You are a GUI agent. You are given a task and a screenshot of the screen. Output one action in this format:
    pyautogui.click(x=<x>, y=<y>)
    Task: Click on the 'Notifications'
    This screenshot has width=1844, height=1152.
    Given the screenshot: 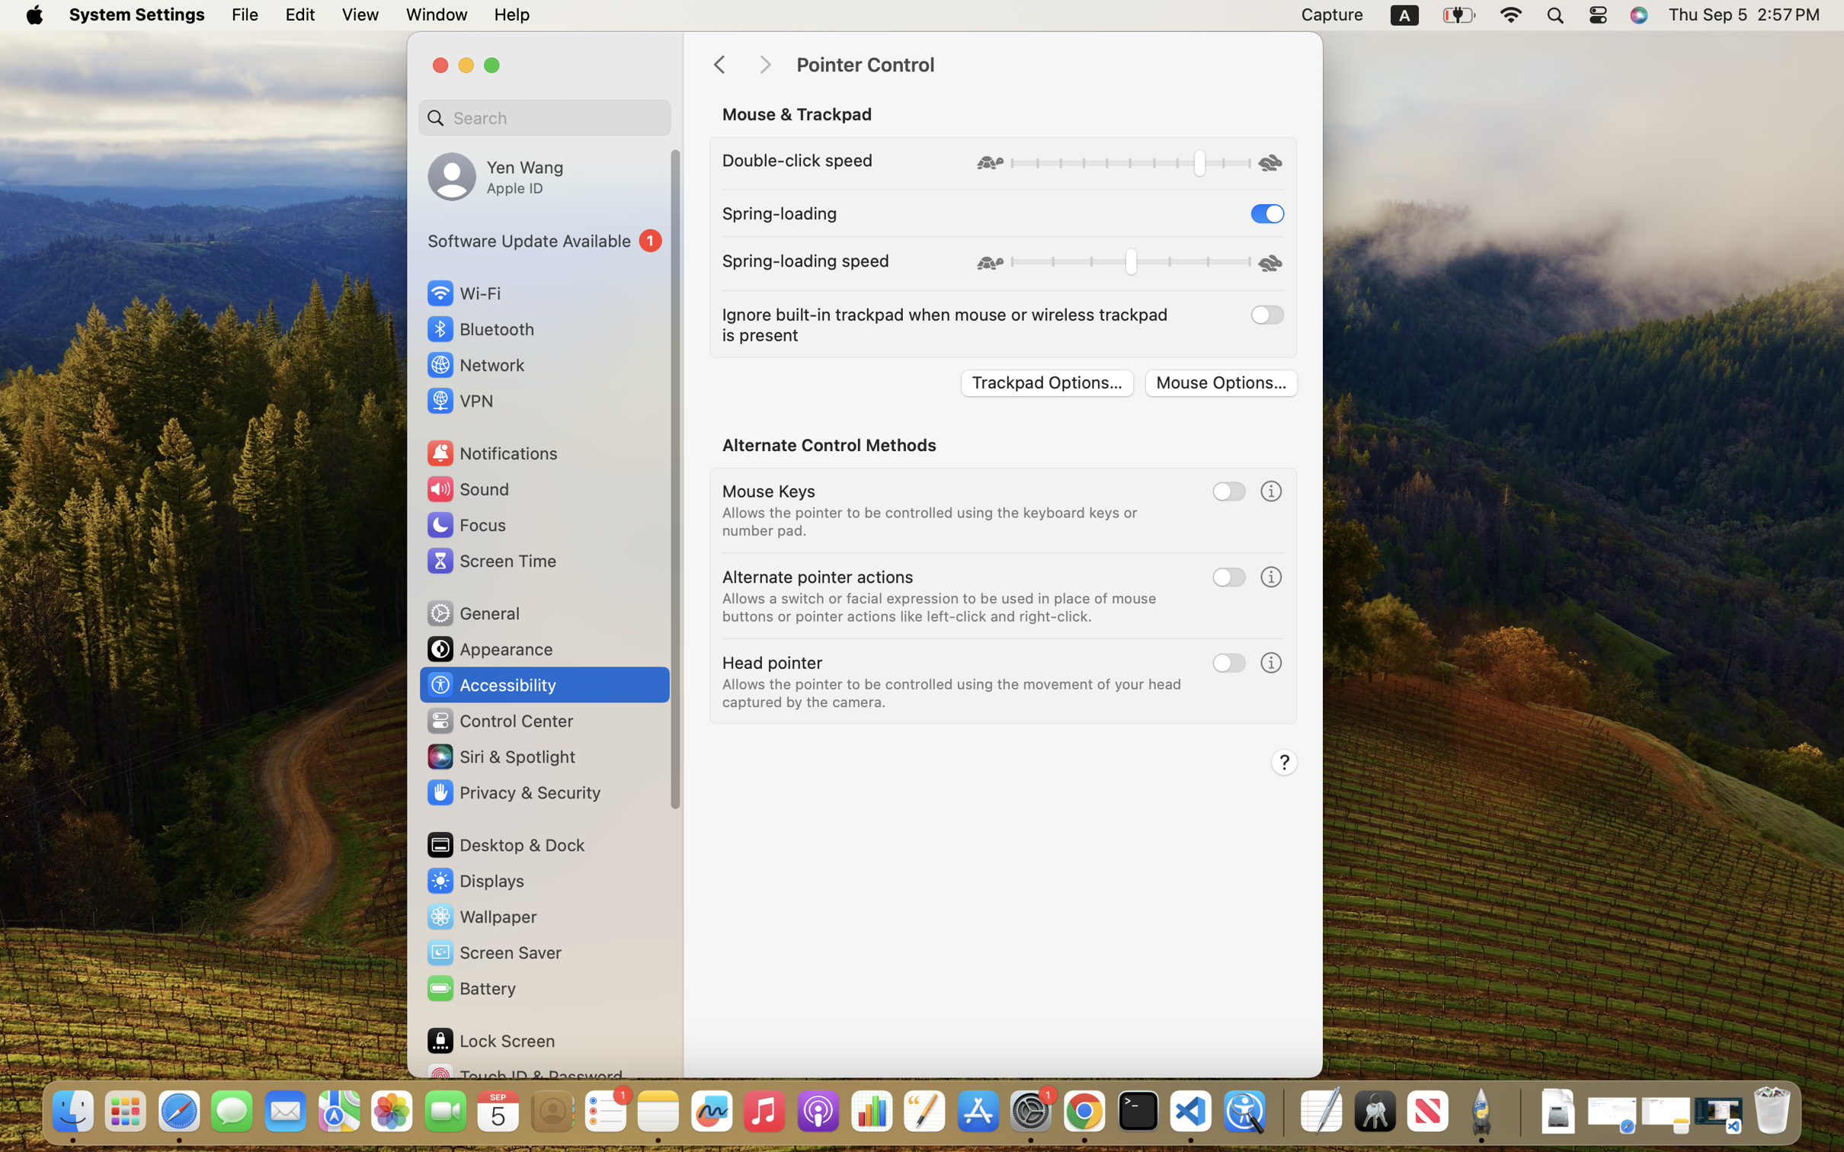 What is the action you would take?
    pyautogui.click(x=491, y=452)
    